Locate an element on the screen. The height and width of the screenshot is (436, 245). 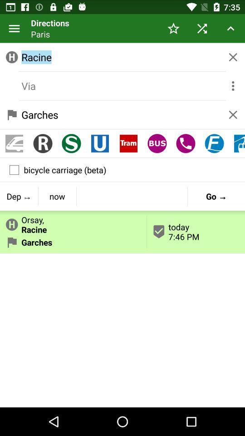
the bicycle carriage (beta) is located at coordinates (122, 169).